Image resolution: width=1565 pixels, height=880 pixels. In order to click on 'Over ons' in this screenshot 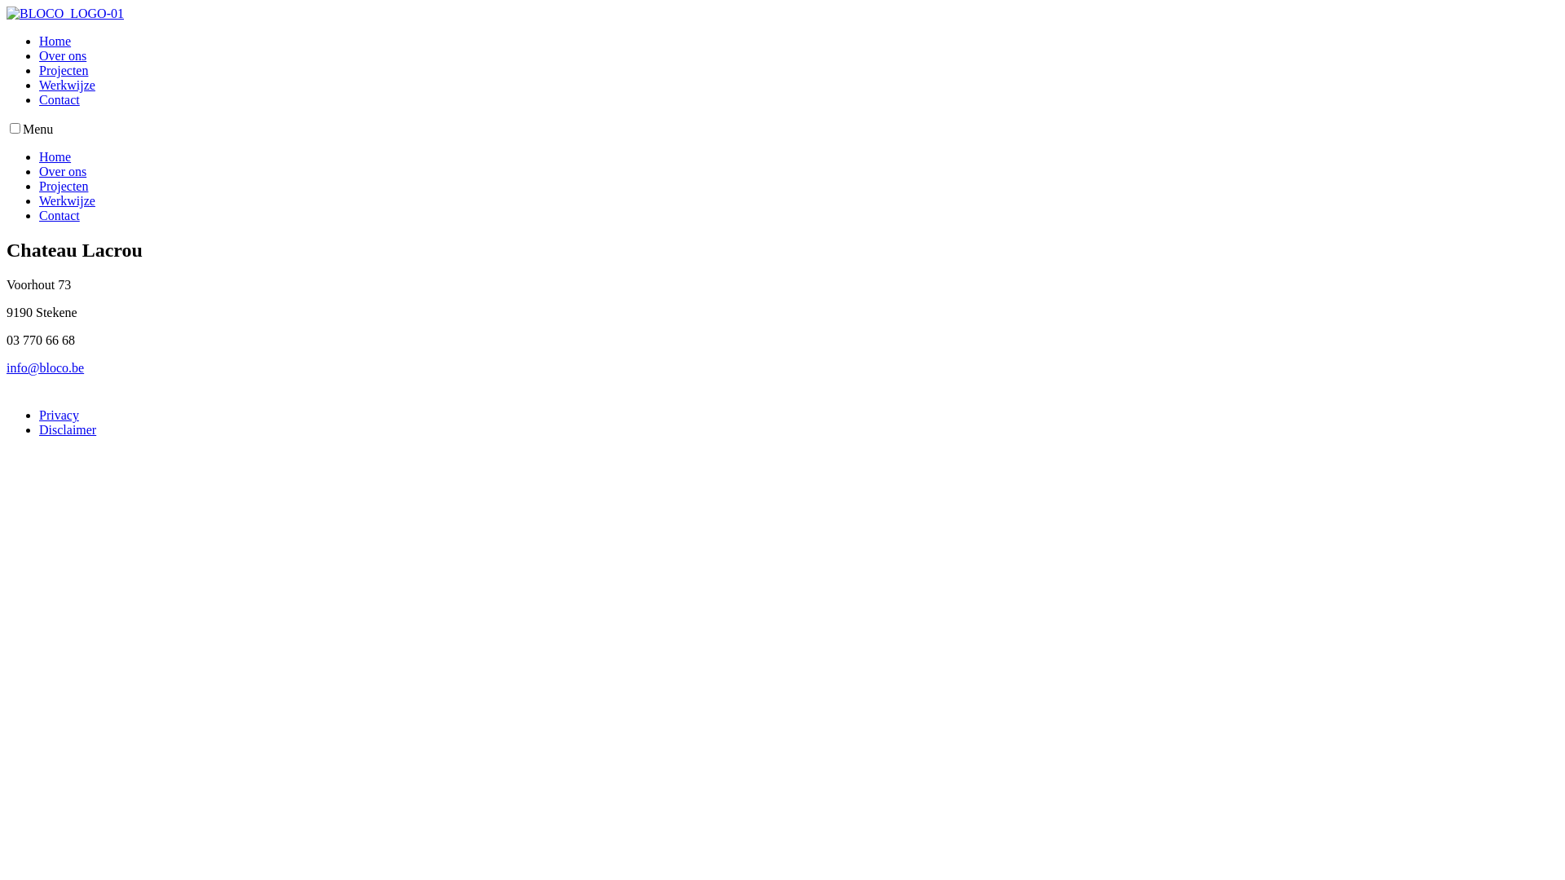, I will do `click(62, 171)`.